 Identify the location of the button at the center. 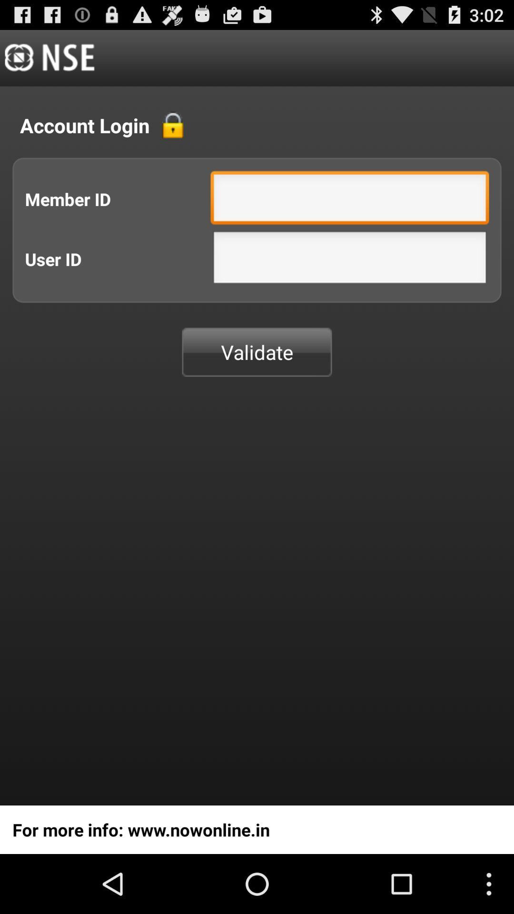
(257, 351).